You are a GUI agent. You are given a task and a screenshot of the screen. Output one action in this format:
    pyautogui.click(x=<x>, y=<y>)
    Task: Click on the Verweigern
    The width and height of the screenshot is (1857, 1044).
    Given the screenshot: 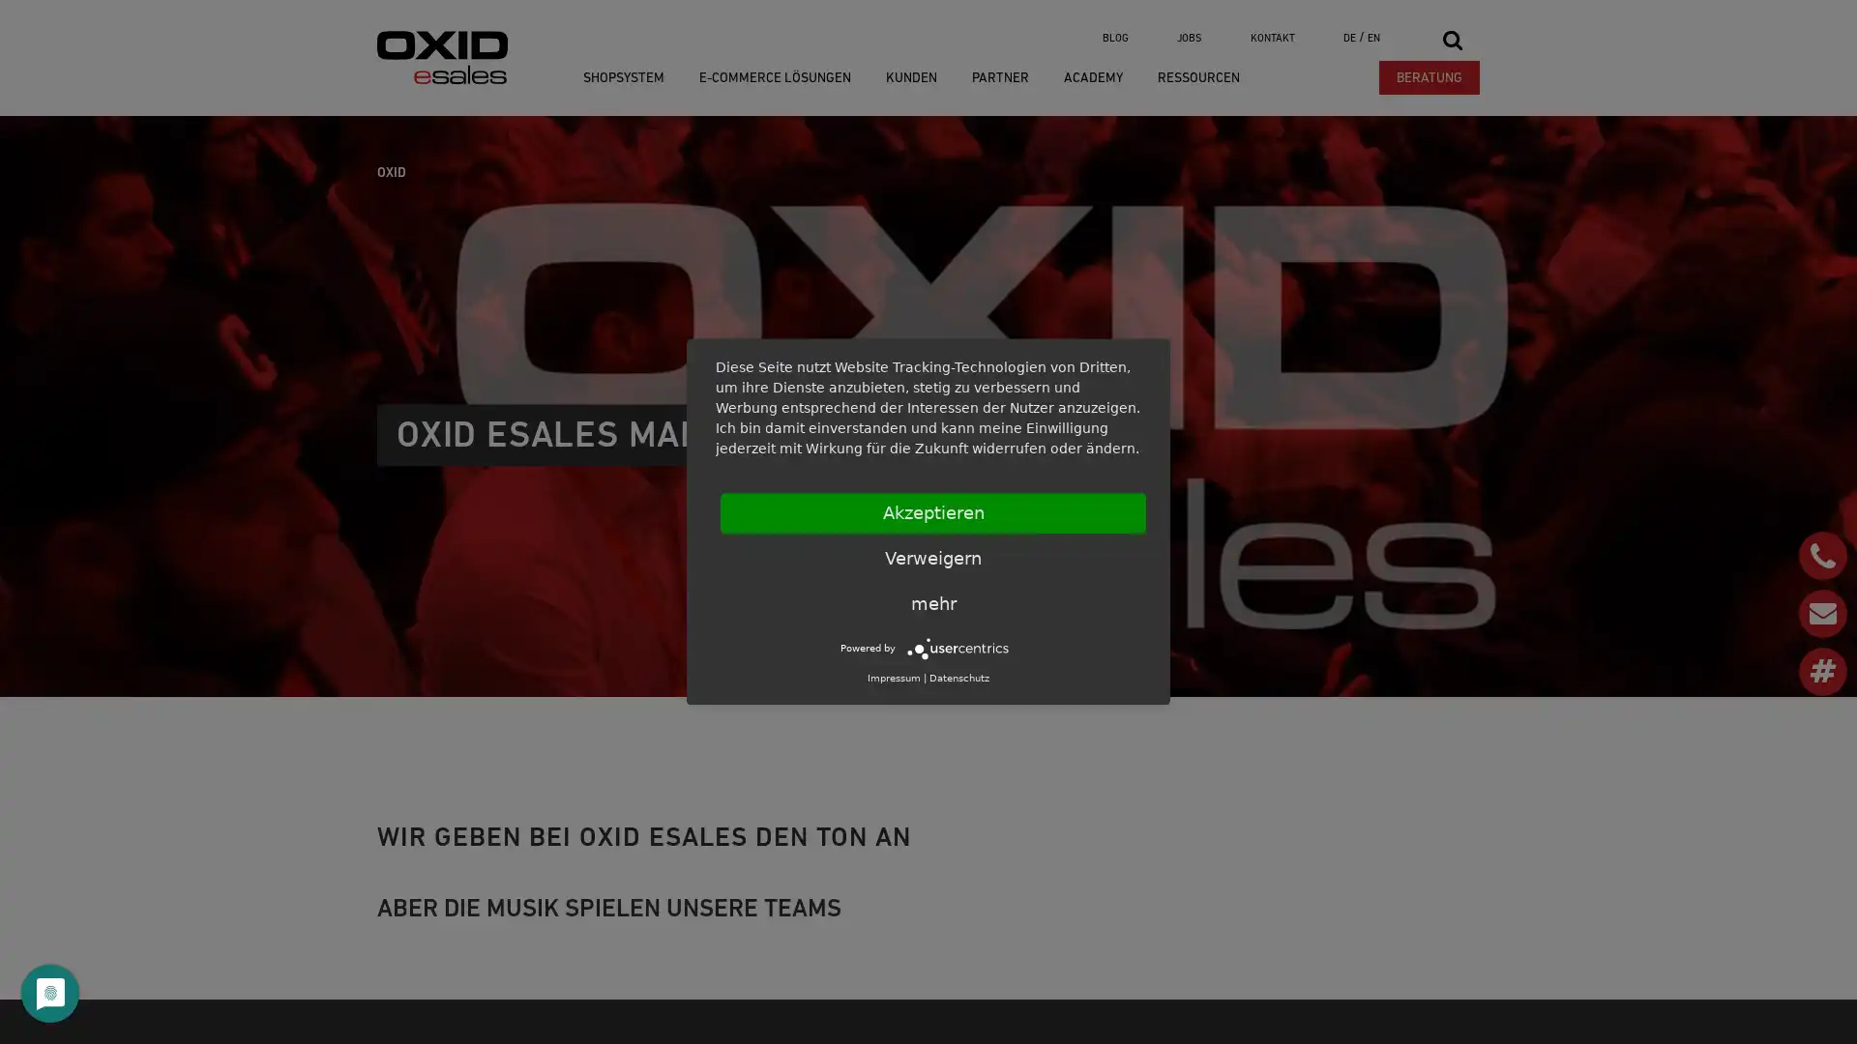 What is the action you would take?
    pyautogui.click(x=932, y=559)
    